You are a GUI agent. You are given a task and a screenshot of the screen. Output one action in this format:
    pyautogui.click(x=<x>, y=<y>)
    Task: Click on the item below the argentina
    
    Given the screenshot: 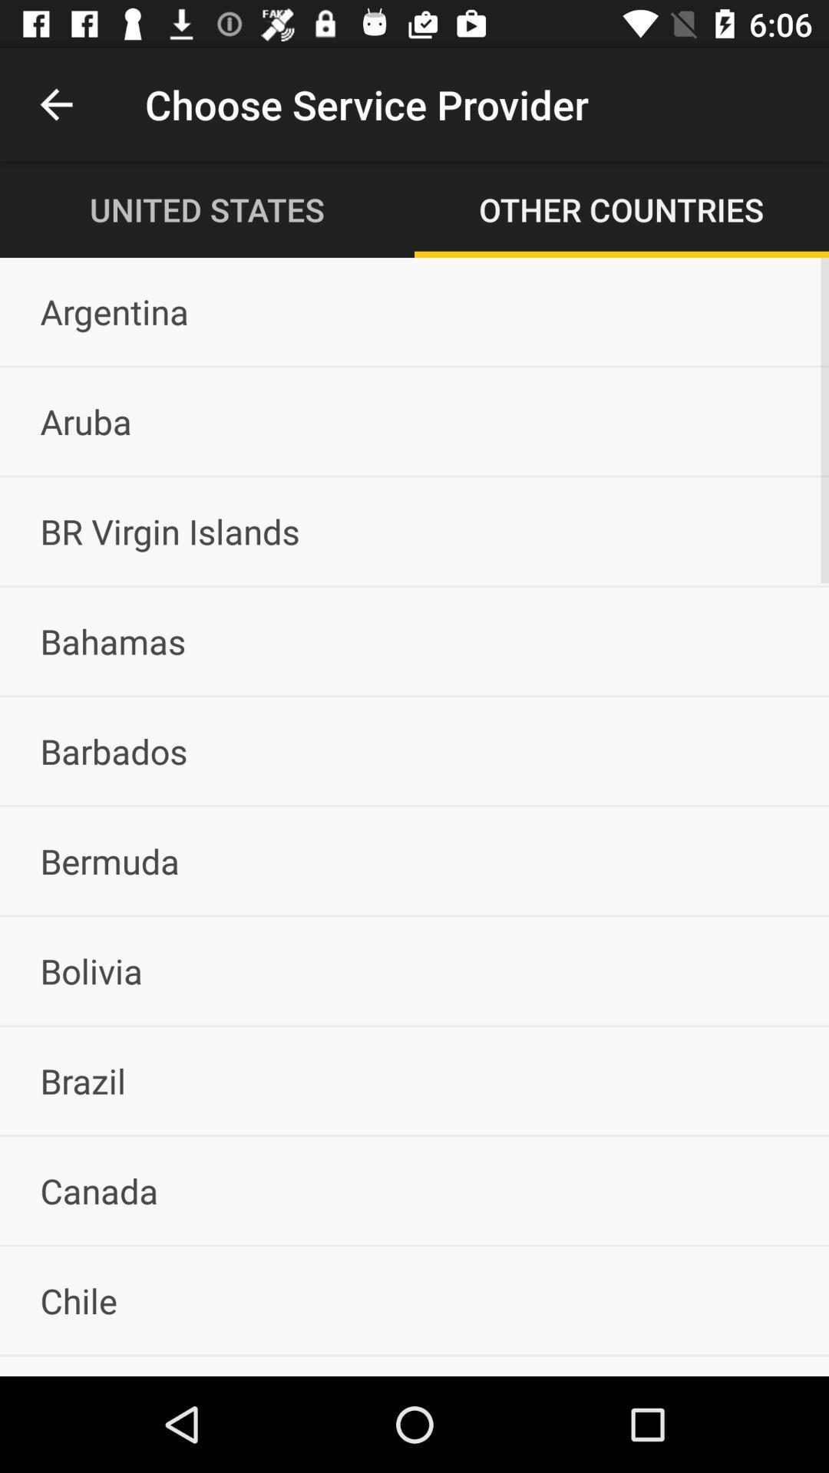 What is the action you would take?
    pyautogui.click(x=414, y=421)
    